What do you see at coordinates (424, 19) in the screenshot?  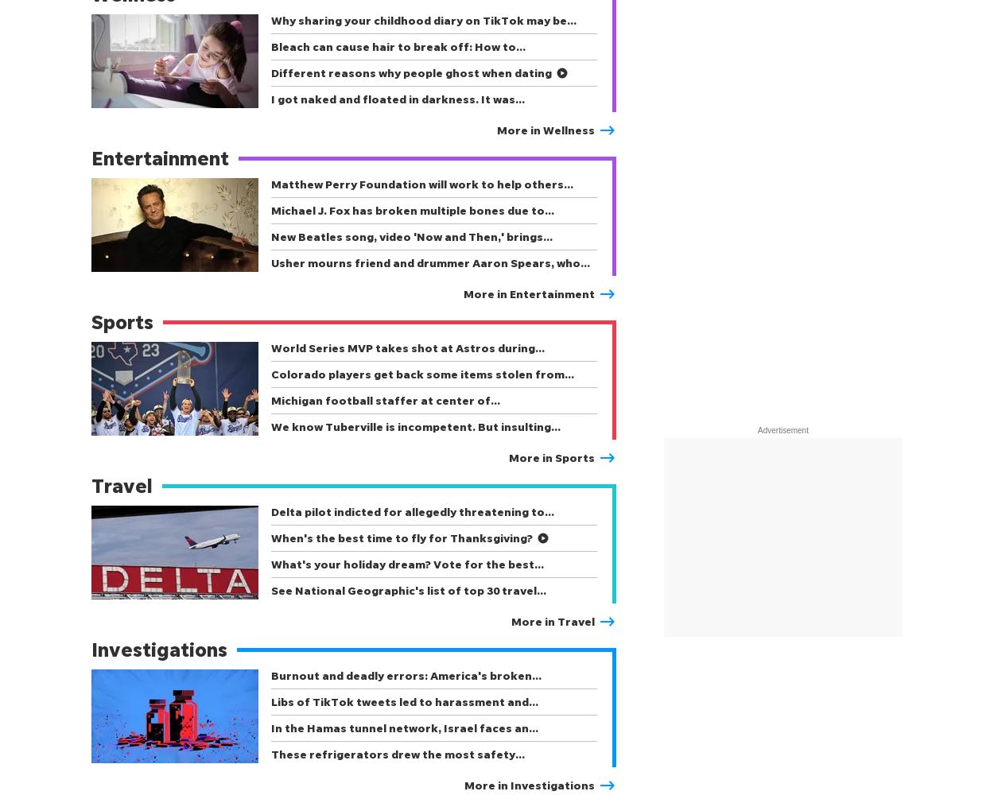 I see `'Why sharing your childhood diary on TikTok may be…'` at bounding box center [424, 19].